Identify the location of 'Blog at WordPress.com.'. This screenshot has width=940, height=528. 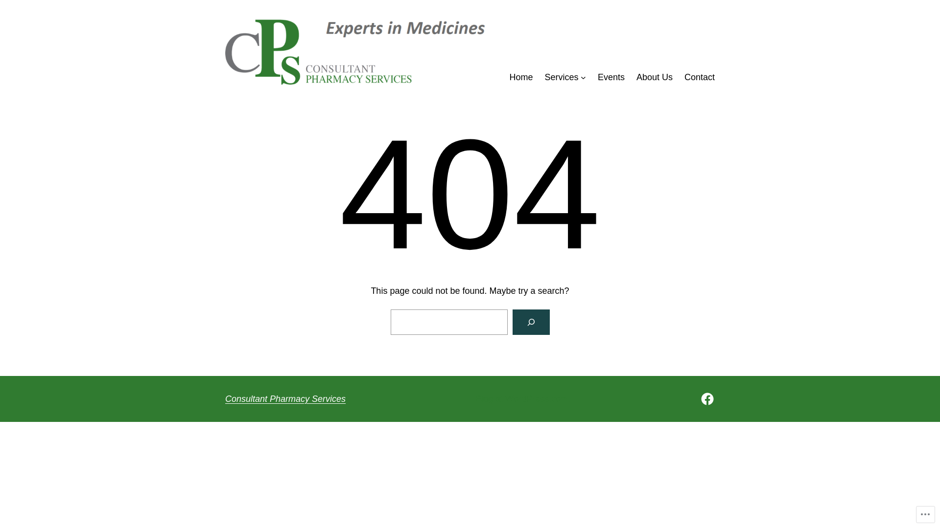
(522, 399).